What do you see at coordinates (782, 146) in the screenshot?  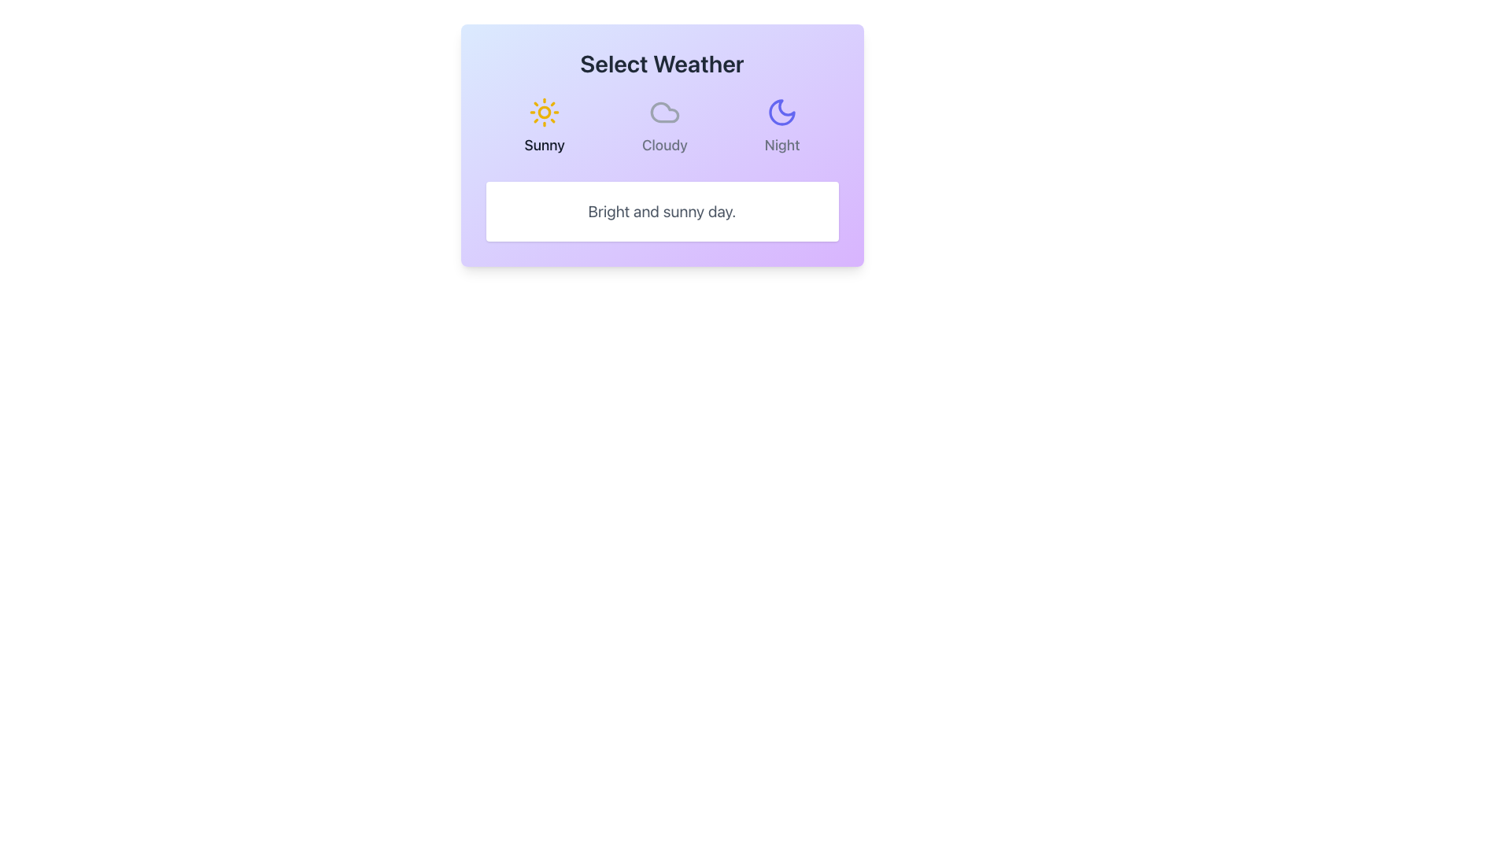 I see `text of the 'Night' label, which is displayed prominently in a bold font under the moon icon in the 'Select Weather' section` at bounding box center [782, 146].